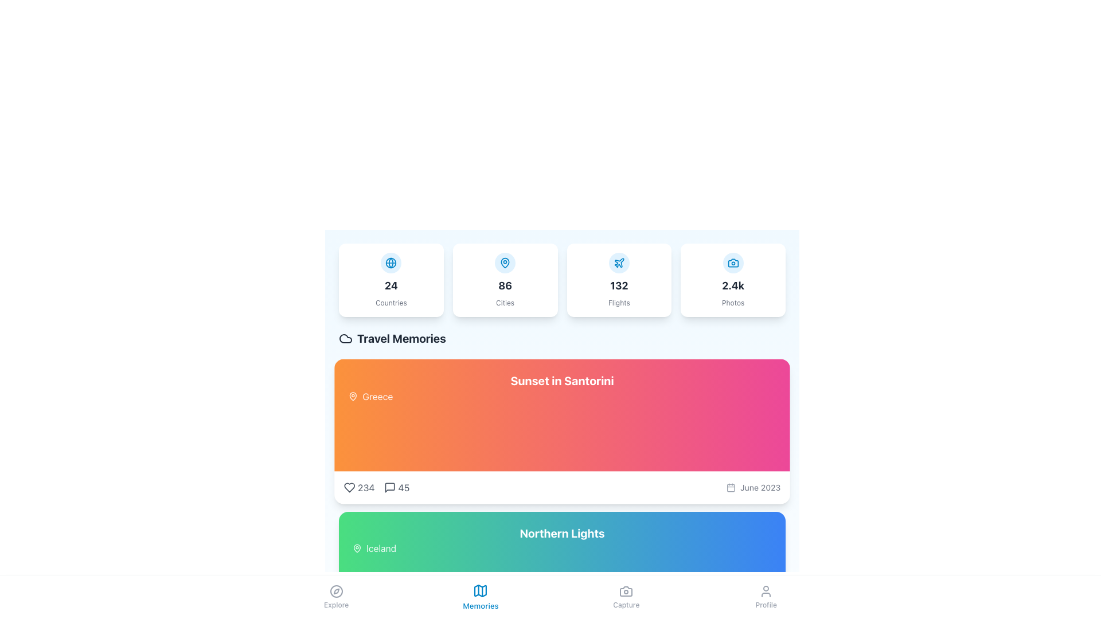 The height and width of the screenshot is (619, 1101). I want to click on the 'Sunset in Santorini' card featuring a gradient background, so click(562, 431).